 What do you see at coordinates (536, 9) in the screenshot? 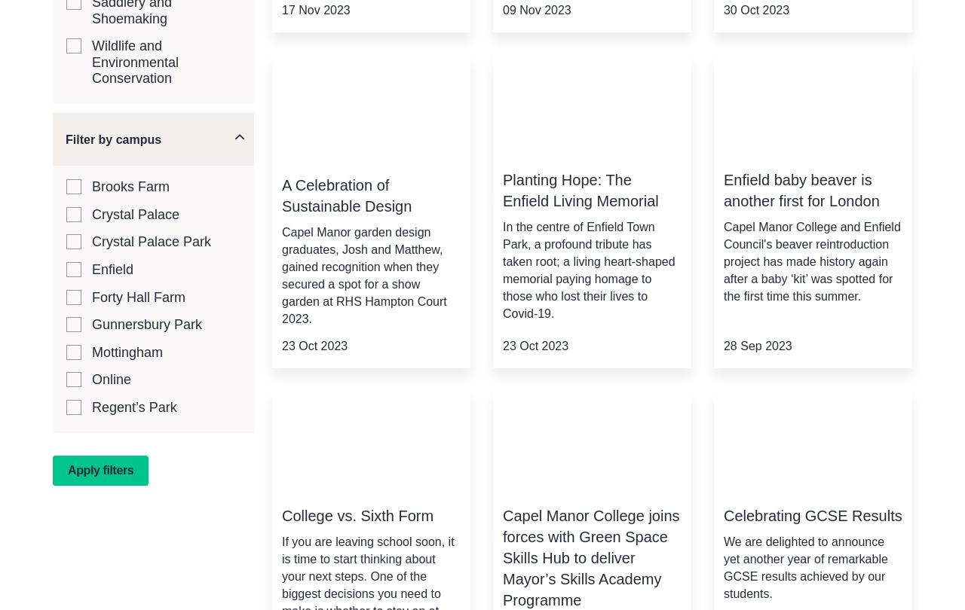
I see `'09 Nov 2023'` at bounding box center [536, 9].